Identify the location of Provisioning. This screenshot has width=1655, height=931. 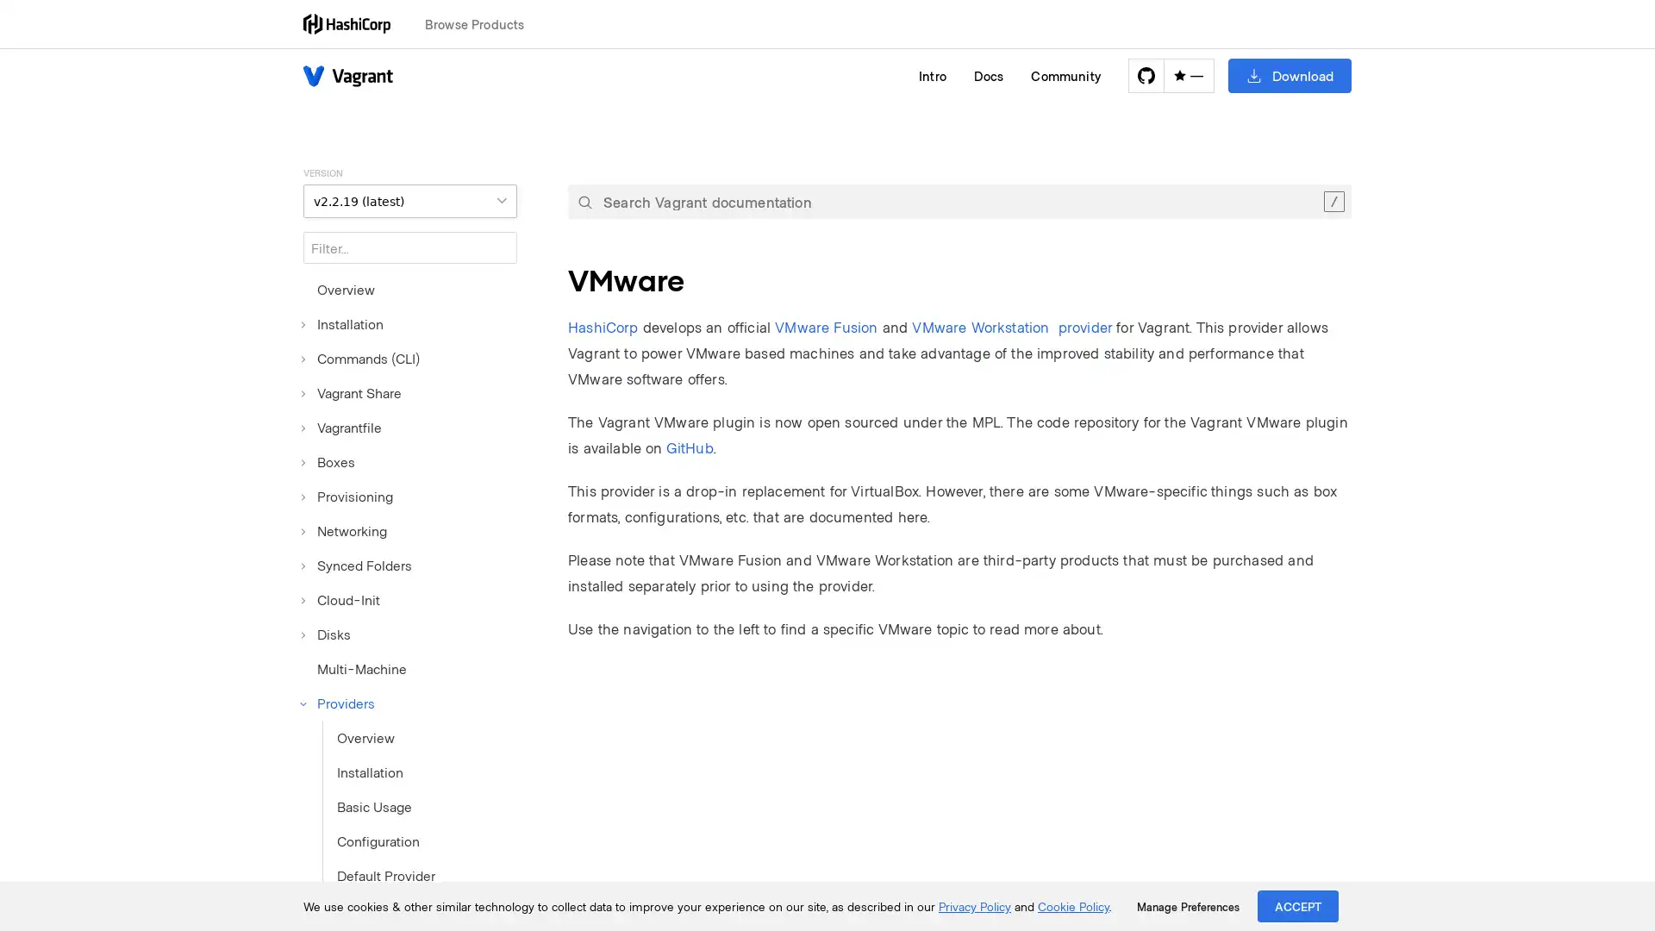
(347, 496).